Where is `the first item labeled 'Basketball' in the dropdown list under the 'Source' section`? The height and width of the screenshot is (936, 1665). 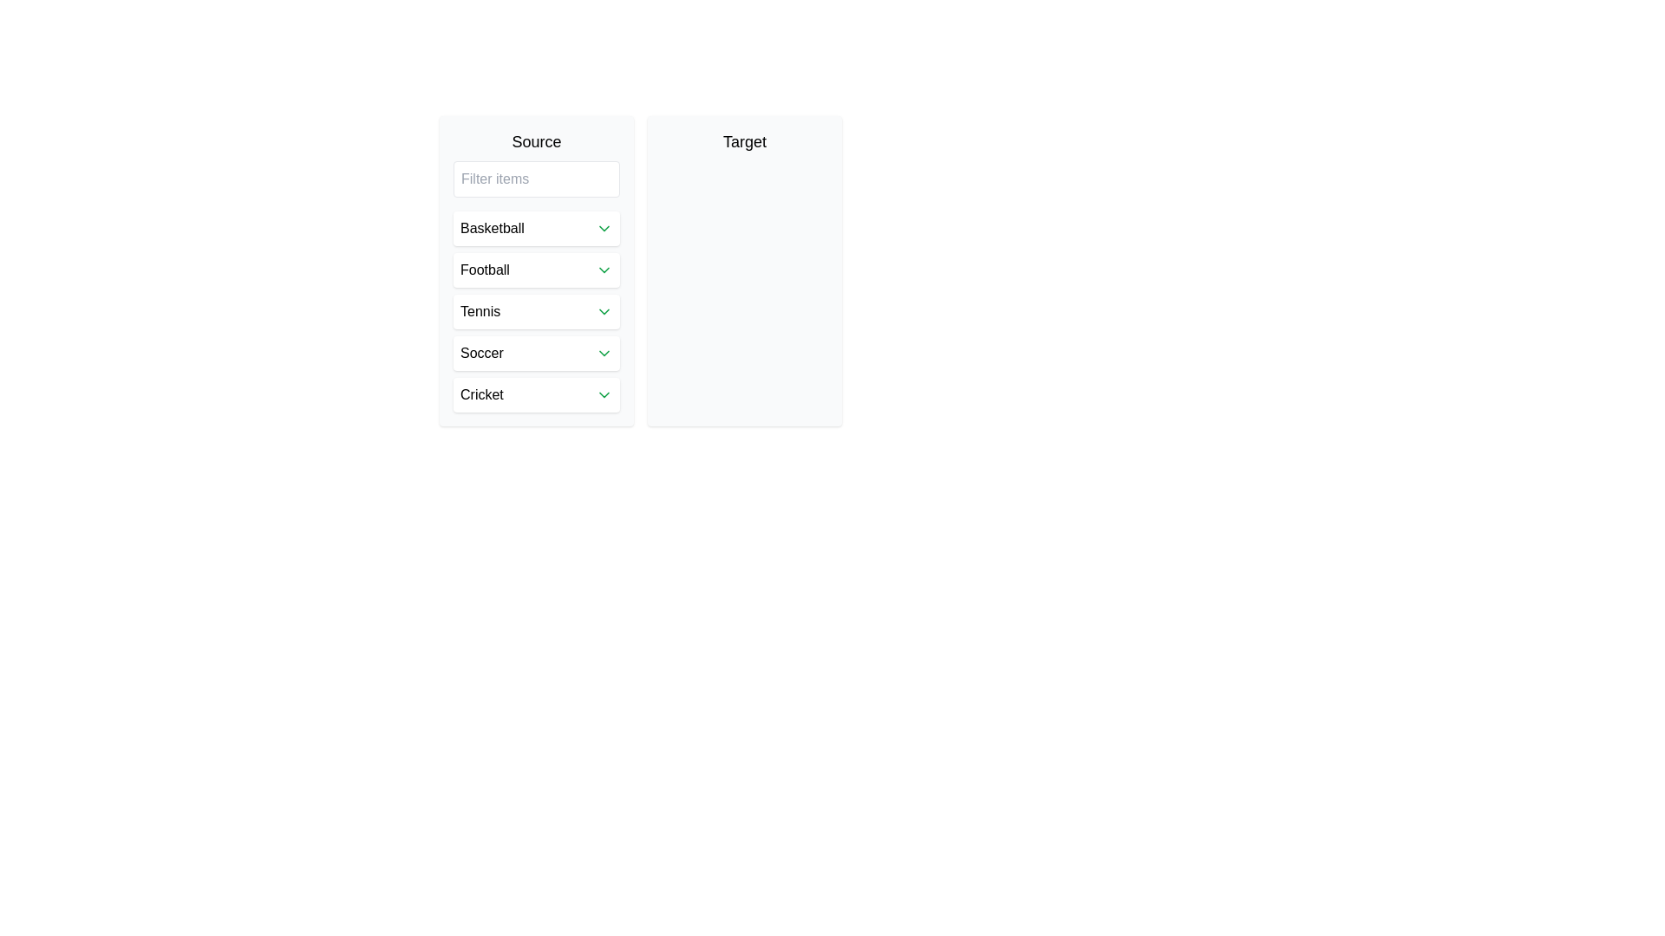 the first item labeled 'Basketball' in the dropdown list under the 'Source' section is located at coordinates (536, 227).